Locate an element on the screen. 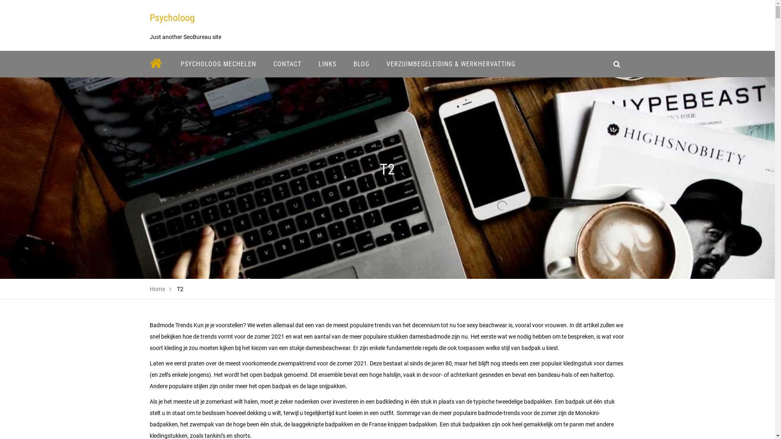 The height and width of the screenshot is (439, 781). 'Home' is located at coordinates (157, 288).